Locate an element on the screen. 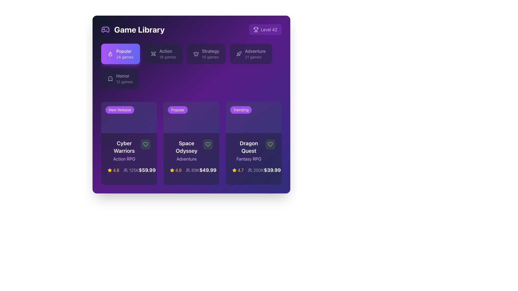  the Informational Card for 'Space Odyssey' is located at coordinates (191, 143).